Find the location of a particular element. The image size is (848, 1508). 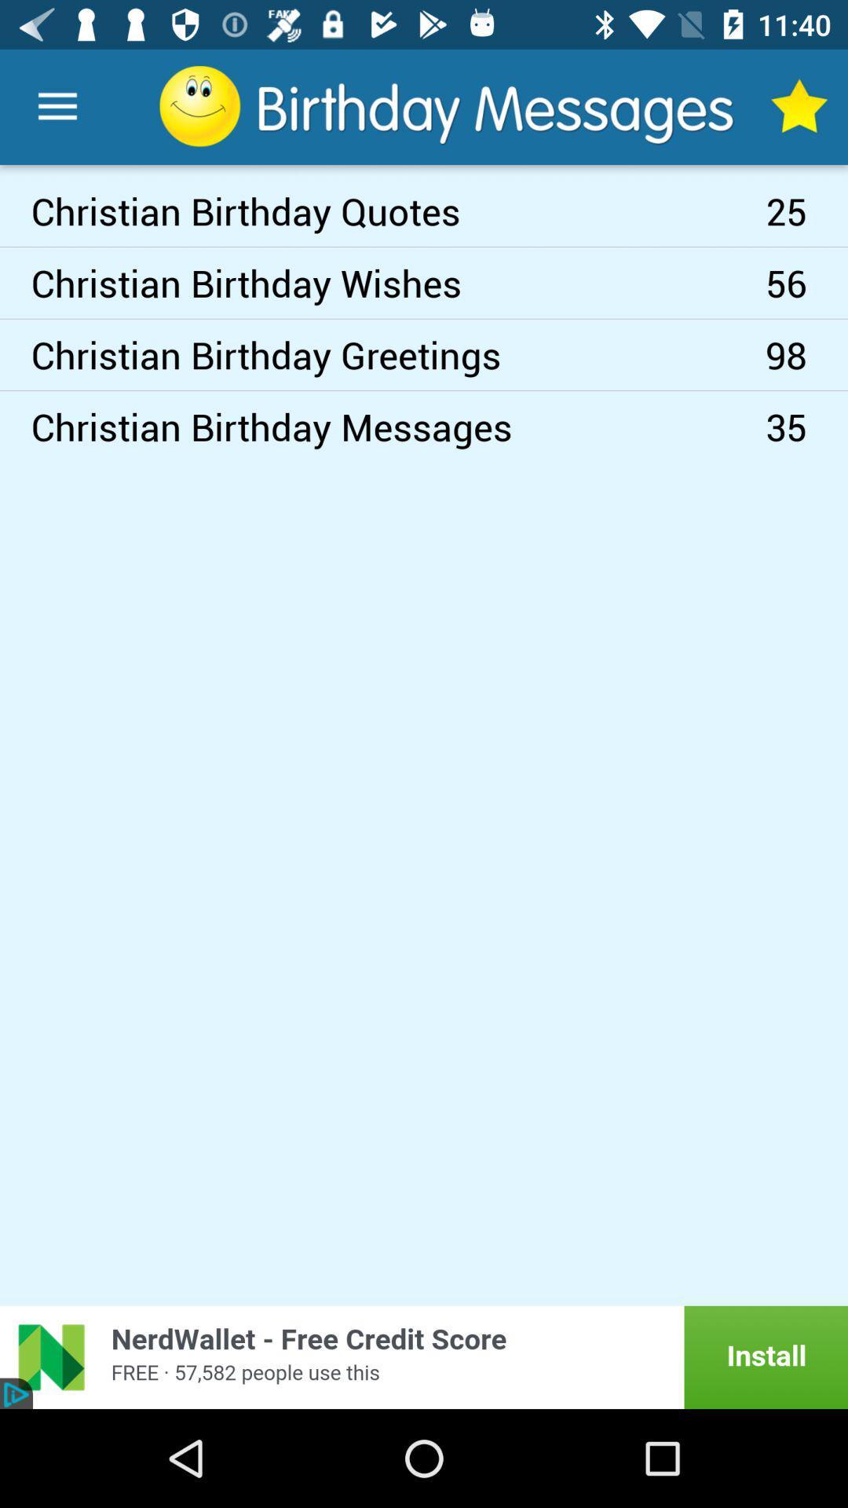

the icon above christian birthday quotes item is located at coordinates (57, 106).